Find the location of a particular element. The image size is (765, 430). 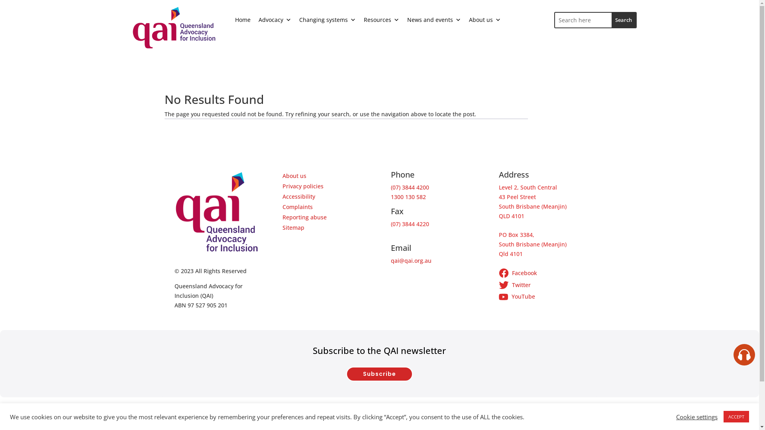

'Subscribe' is located at coordinates (379, 373).